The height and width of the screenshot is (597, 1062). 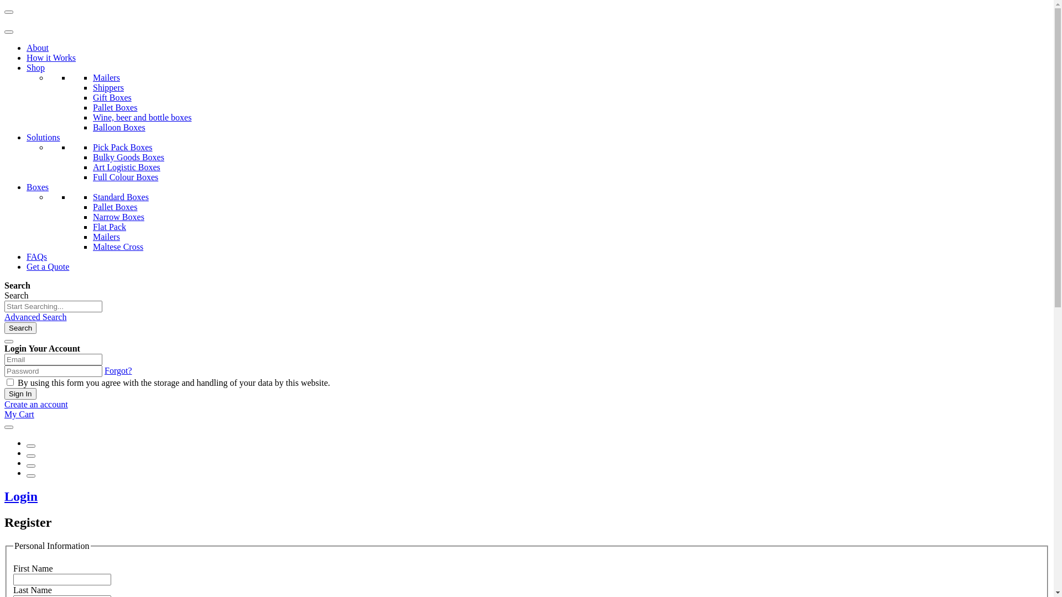 I want to click on 'Get a Quote', so click(x=47, y=266).